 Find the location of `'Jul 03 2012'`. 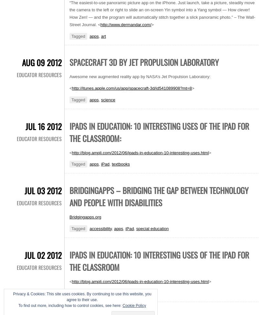

'Jul 03 2012' is located at coordinates (25, 190).